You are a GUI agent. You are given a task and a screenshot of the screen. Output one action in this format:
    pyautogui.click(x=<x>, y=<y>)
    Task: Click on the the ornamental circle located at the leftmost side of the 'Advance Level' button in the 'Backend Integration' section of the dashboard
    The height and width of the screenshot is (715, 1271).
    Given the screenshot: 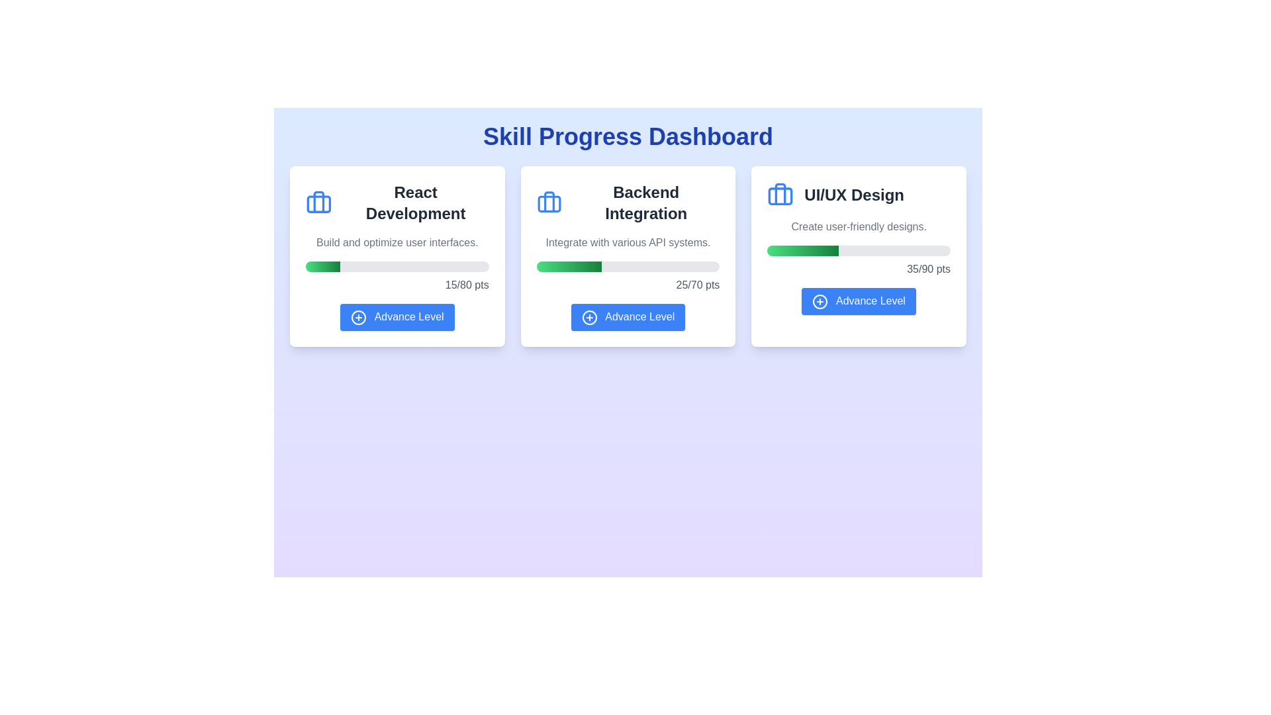 What is the action you would take?
    pyautogui.click(x=588, y=317)
    